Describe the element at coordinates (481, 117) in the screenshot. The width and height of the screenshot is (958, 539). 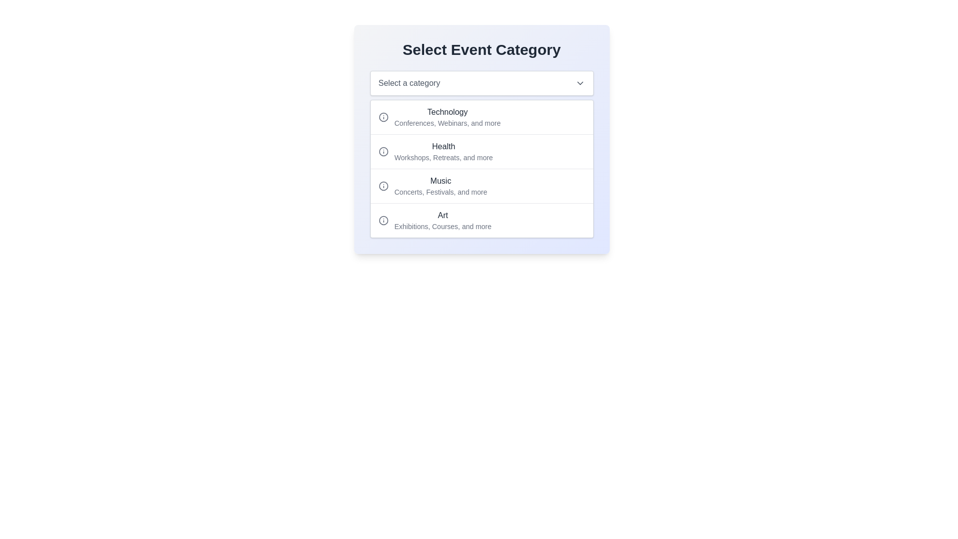
I see `the 'Technology' category list item` at that location.